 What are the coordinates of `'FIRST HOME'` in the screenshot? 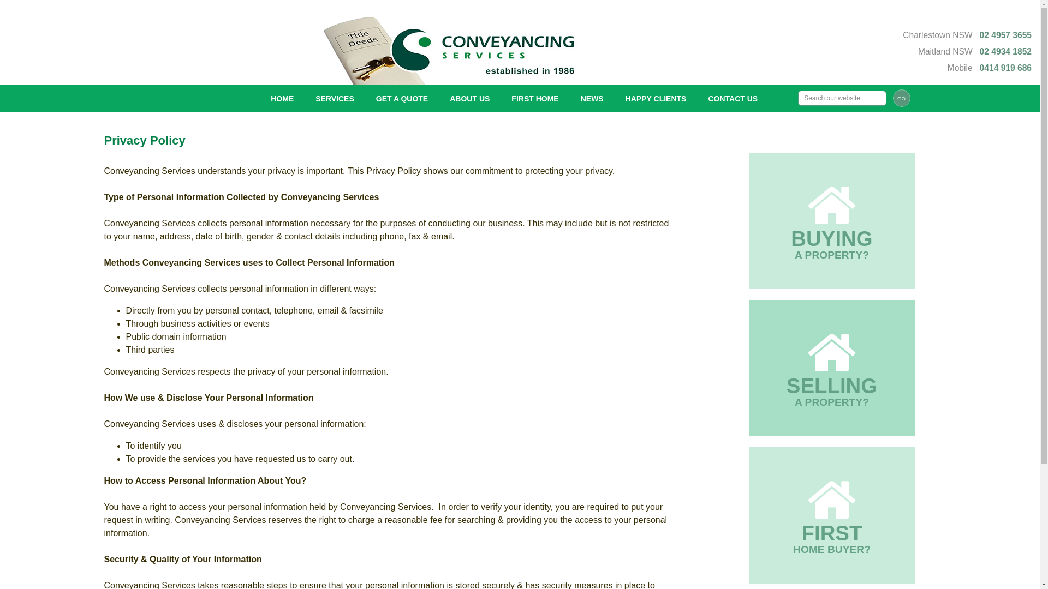 It's located at (534, 99).